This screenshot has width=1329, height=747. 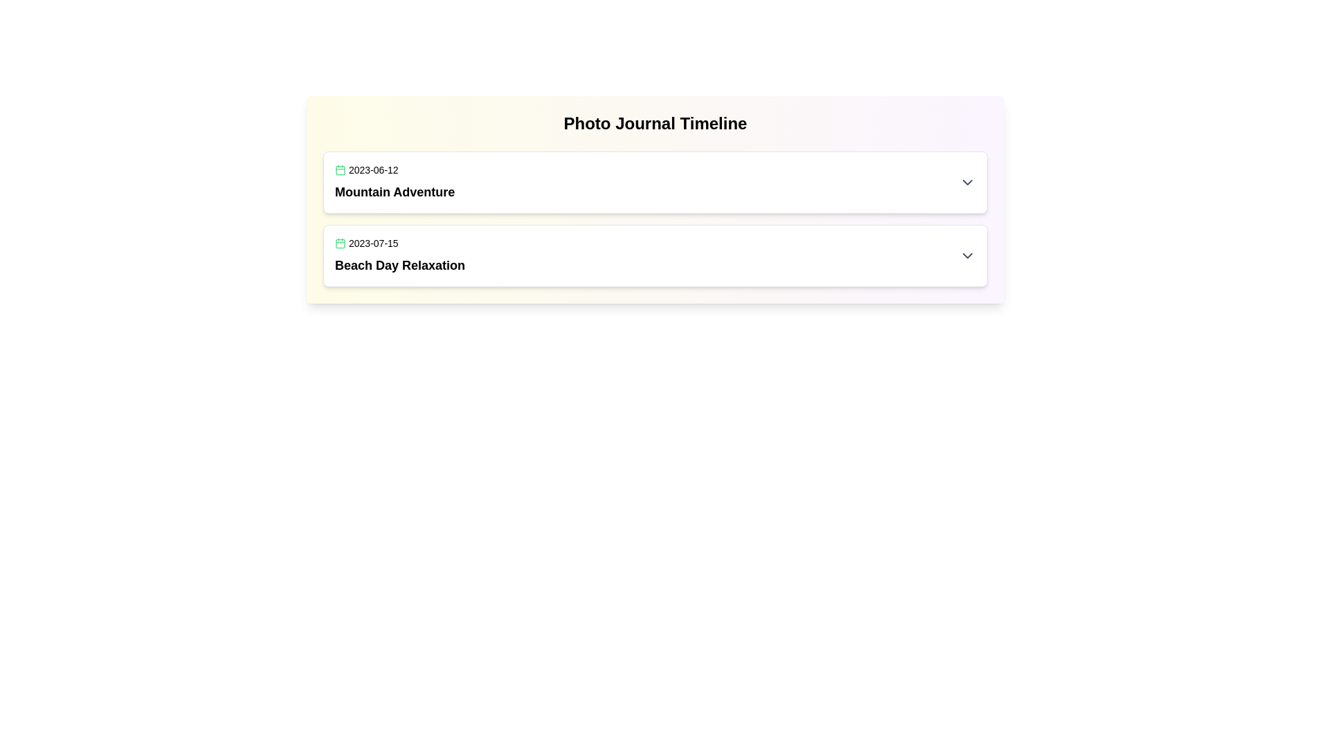 What do you see at coordinates (654, 256) in the screenshot?
I see `the Information card located within the 'Photo Journal Timeline', specifically the second card below 'Mountain Adventure', to navigate through its details` at bounding box center [654, 256].